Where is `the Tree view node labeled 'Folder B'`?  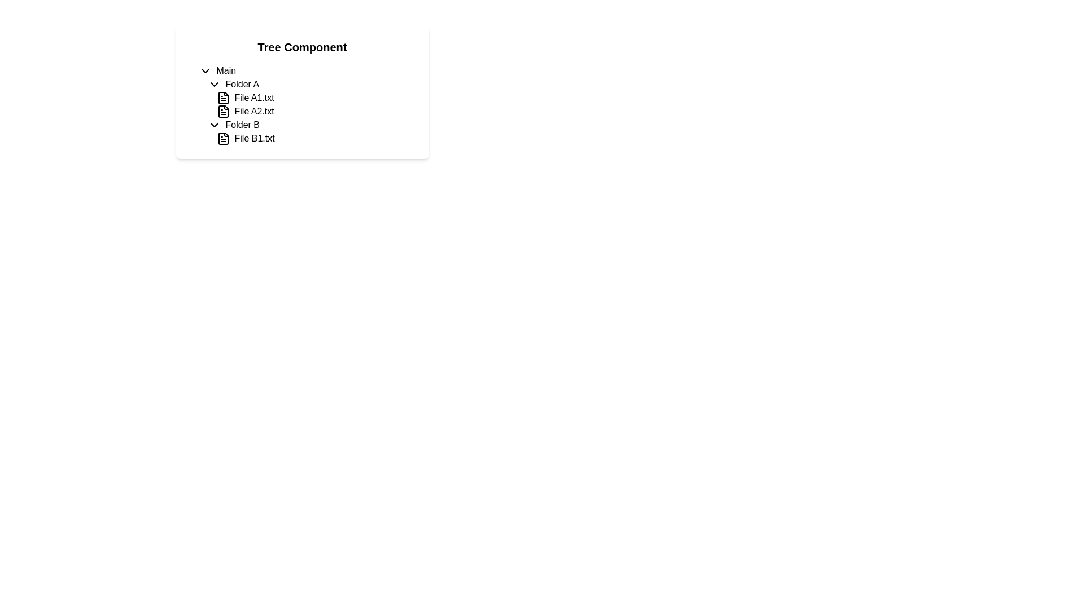
the Tree view node labeled 'Folder B' is located at coordinates (311, 125).